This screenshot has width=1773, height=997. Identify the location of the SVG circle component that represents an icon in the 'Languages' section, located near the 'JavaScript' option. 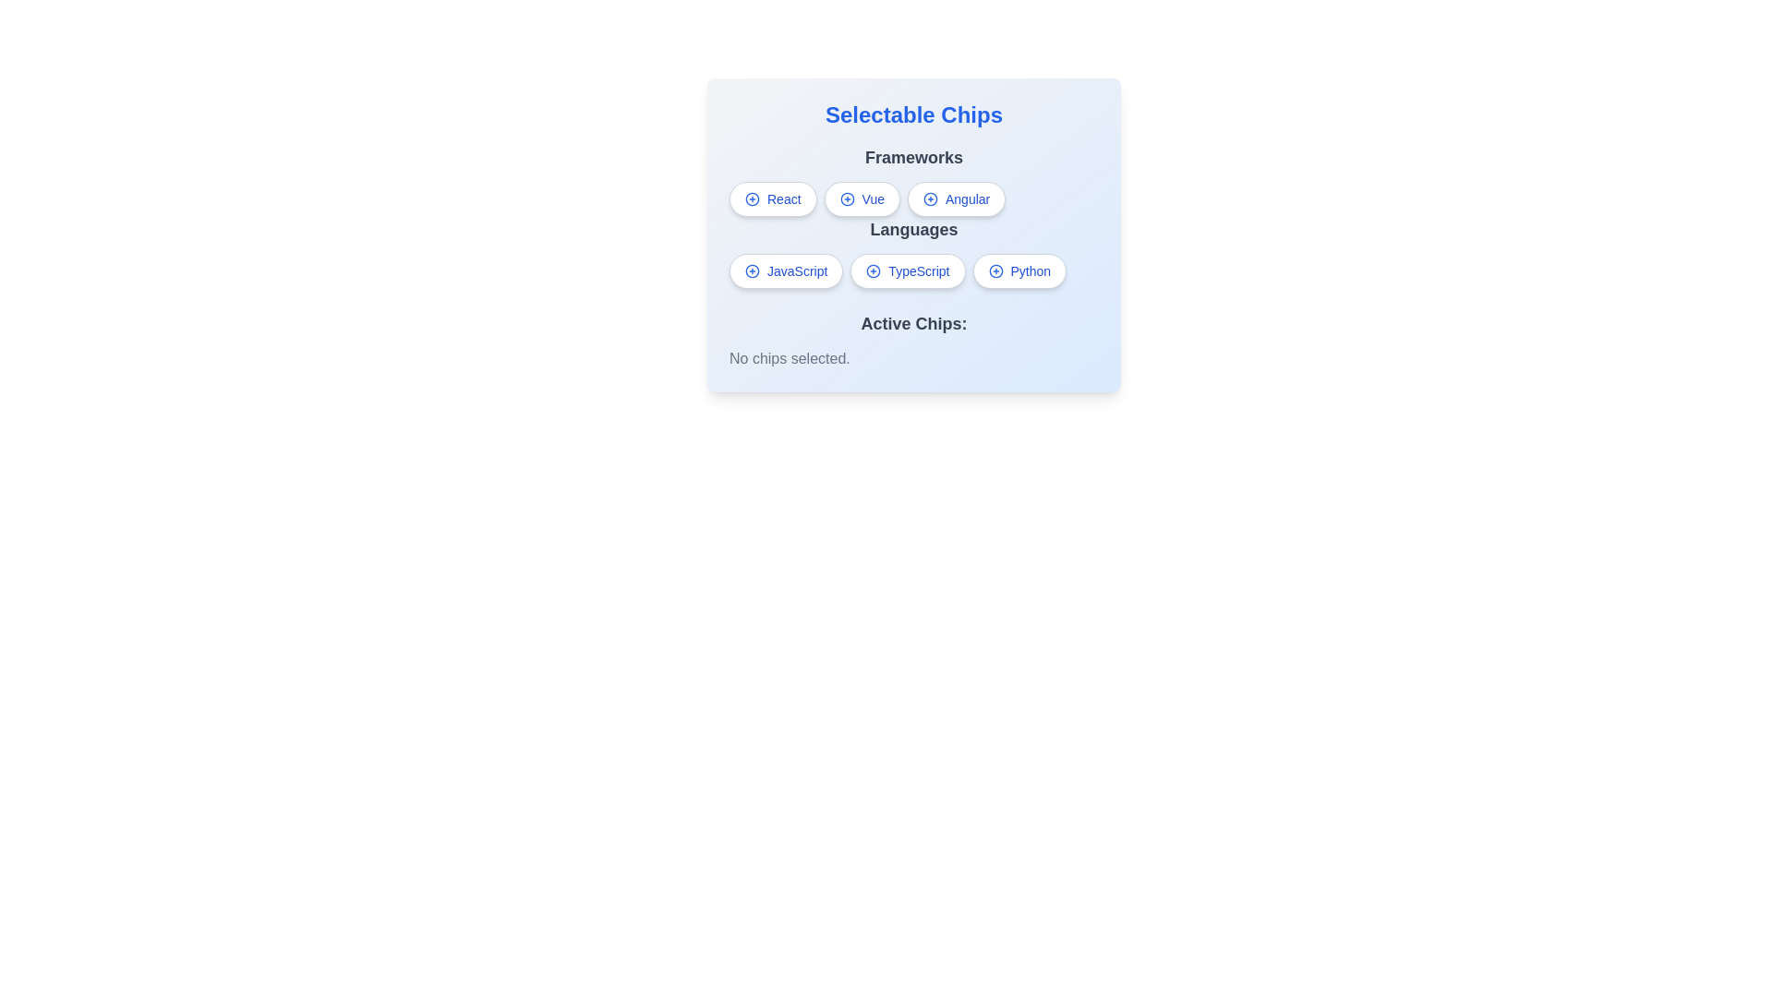
(753, 270).